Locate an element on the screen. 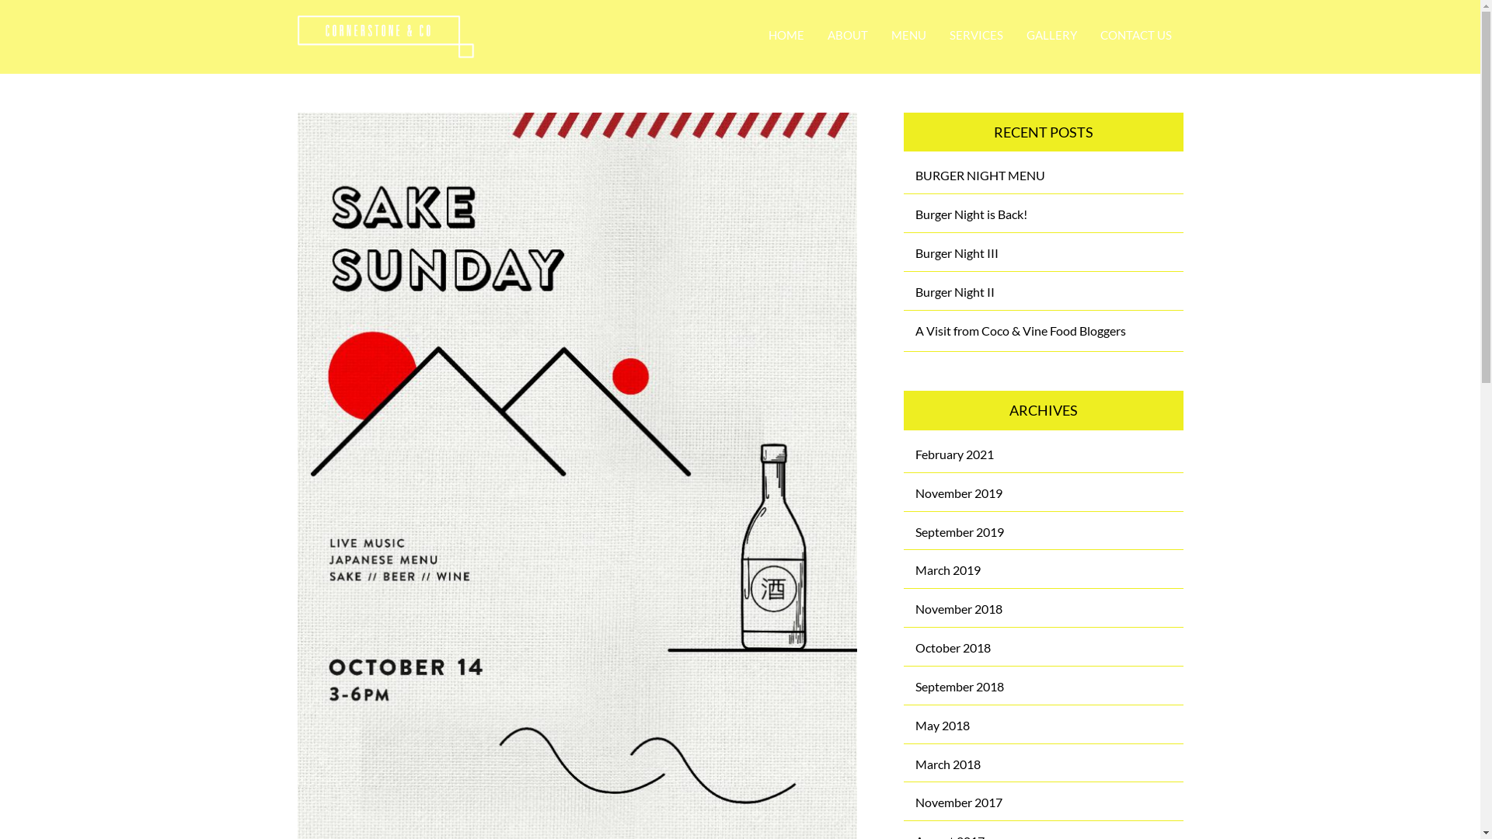  'September 2018' is located at coordinates (958, 685).